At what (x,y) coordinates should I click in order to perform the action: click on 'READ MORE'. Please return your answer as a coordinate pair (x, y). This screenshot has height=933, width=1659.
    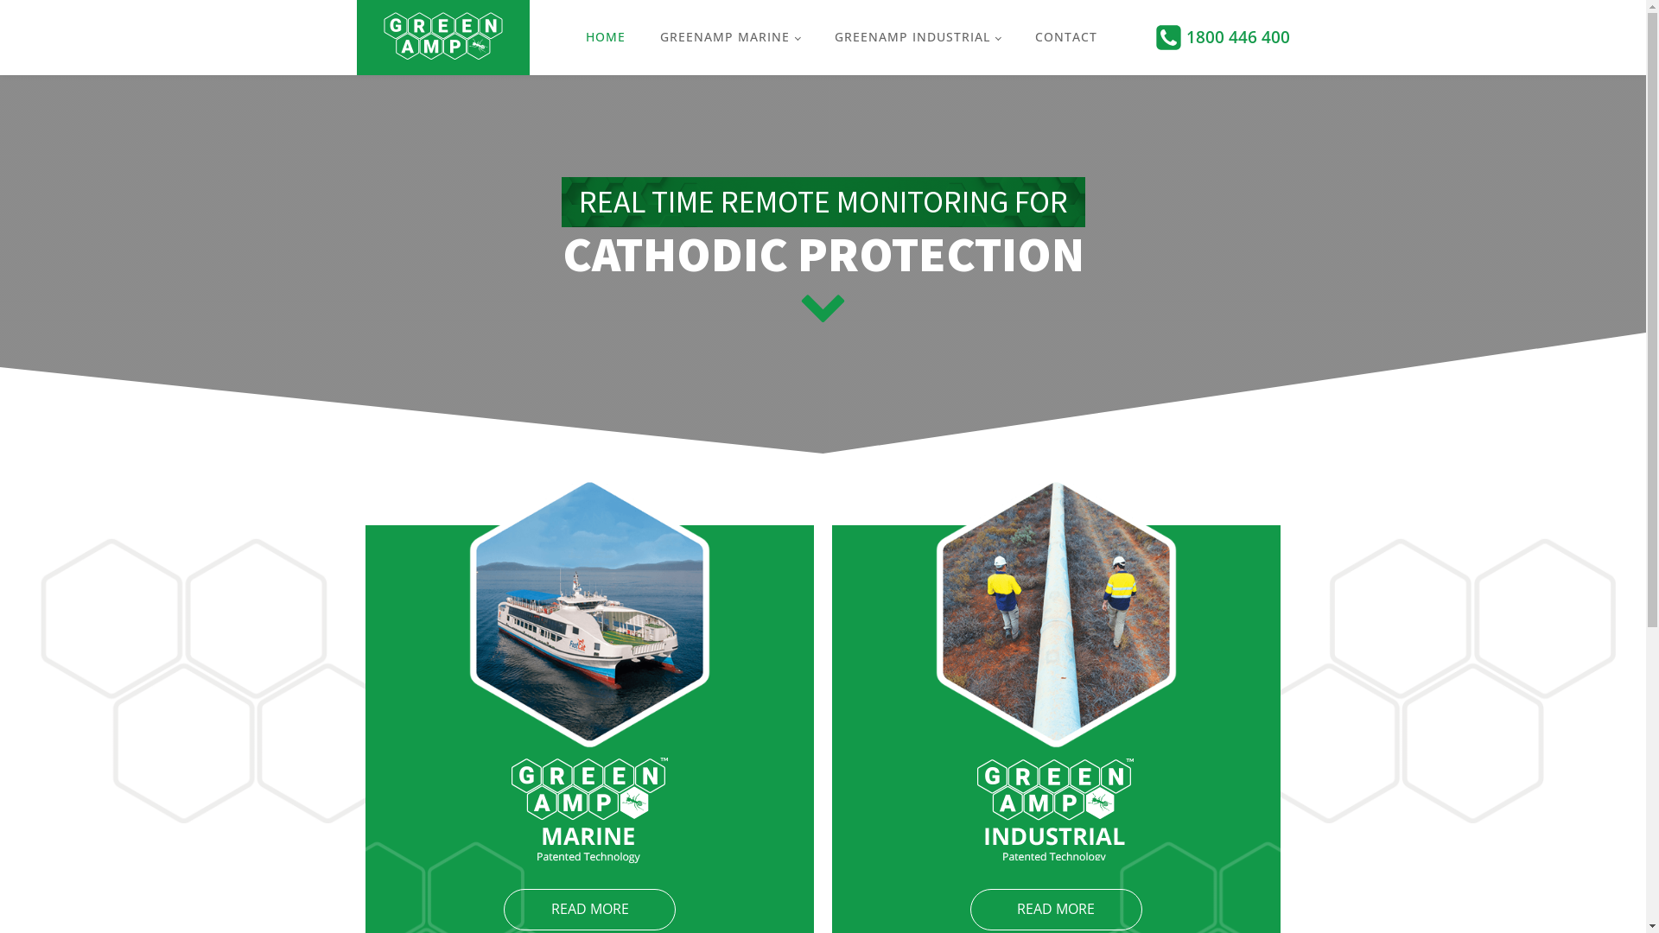
    Looking at the image, I should click on (502, 909).